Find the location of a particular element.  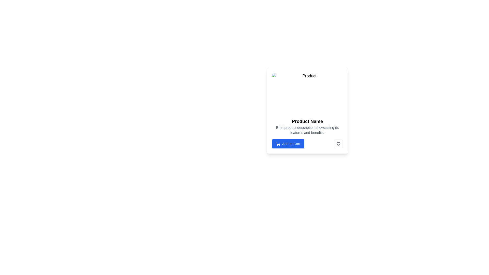

bold text label displaying 'Product Name' which is positioned above the product description and 'Add to Cart' button is located at coordinates (307, 121).